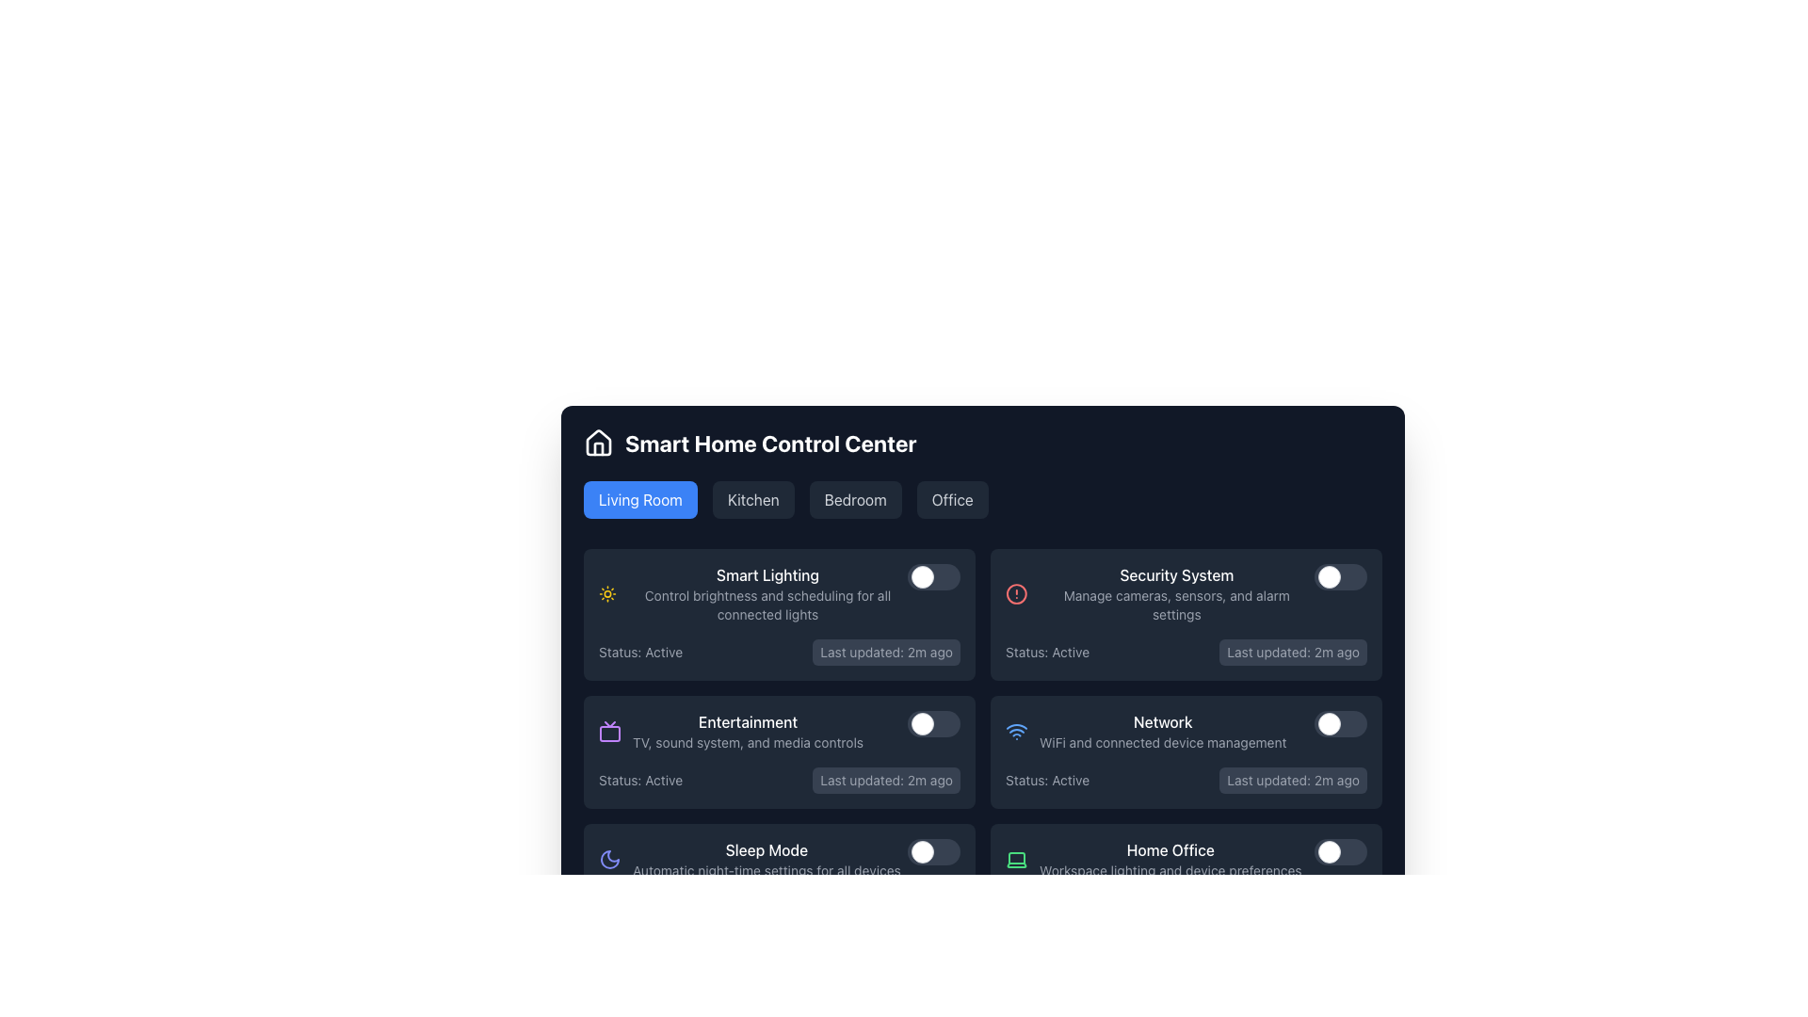 The image size is (1808, 1017). I want to click on section header labeled 'Home Office' which includes the subtitle 'Workspace lighting and device preferences'. This section is styled with a dark background and contains a laptop icon on the left and a toggle switch on the right, so click(1185, 860).